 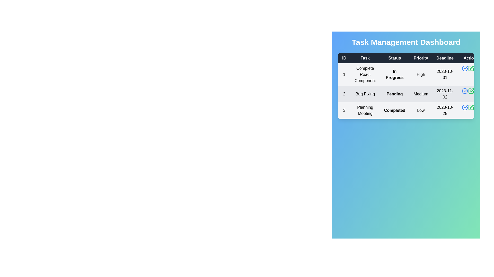 I want to click on the 'view details' icon for task 3, so click(x=465, y=107).